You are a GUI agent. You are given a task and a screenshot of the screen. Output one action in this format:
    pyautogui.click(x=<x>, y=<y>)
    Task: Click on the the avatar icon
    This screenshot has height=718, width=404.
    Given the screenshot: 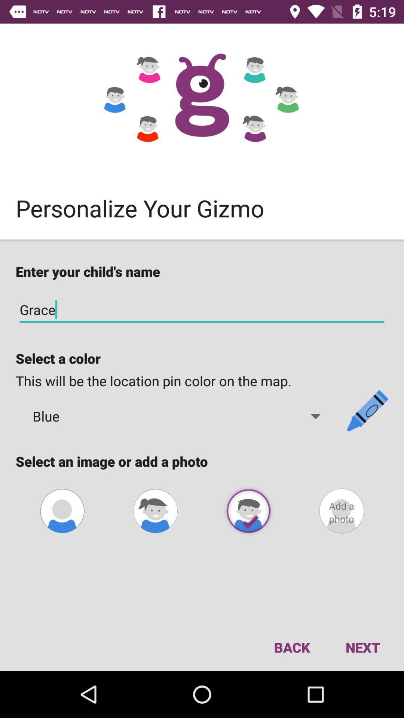 What is the action you would take?
    pyautogui.click(x=342, y=510)
    